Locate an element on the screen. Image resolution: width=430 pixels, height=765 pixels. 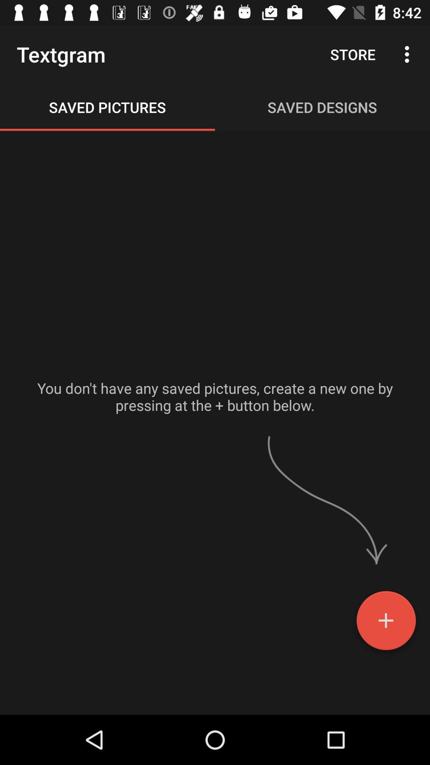
icon to the right of store icon is located at coordinates (409, 54).